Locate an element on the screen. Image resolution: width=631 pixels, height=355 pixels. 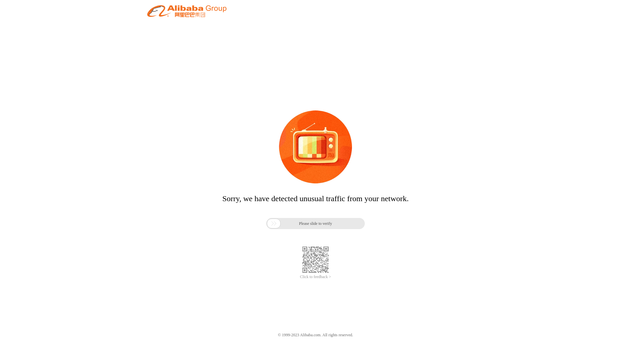
'Click to feedback >' is located at coordinates (315, 277).